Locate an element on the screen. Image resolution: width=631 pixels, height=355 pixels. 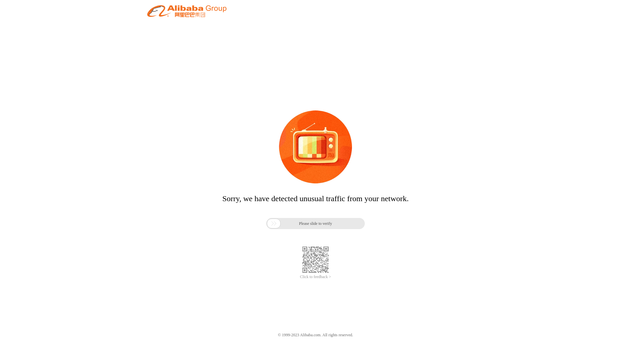
'Click to feedback >' is located at coordinates (315, 277).